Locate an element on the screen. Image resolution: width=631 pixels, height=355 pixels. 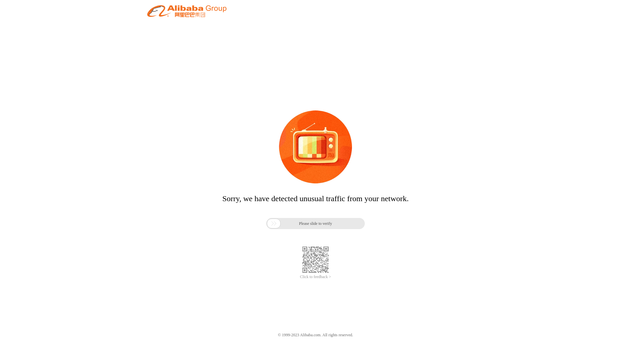
'Click to feedback >' is located at coordinates (315, 277).